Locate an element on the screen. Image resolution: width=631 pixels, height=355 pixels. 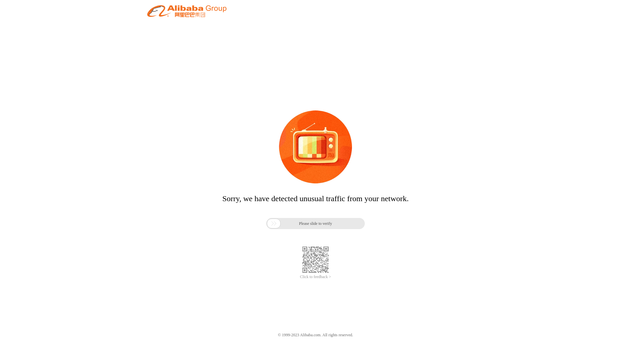
'Click to feedback >' is located at coordinates (315, 277).